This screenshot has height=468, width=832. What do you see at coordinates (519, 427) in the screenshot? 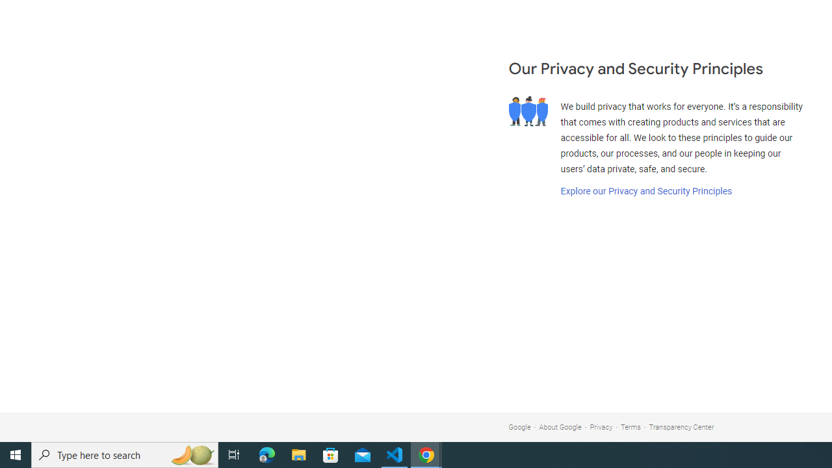
I see `'Google'` at bounding box center [519, 427].